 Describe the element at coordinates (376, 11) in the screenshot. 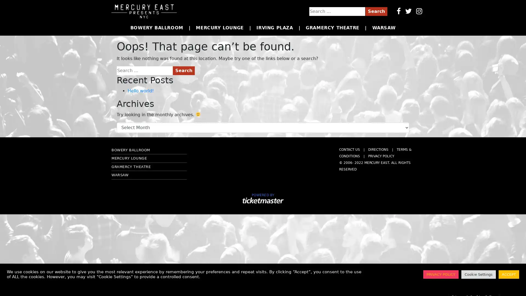

I see `Search` at that location.